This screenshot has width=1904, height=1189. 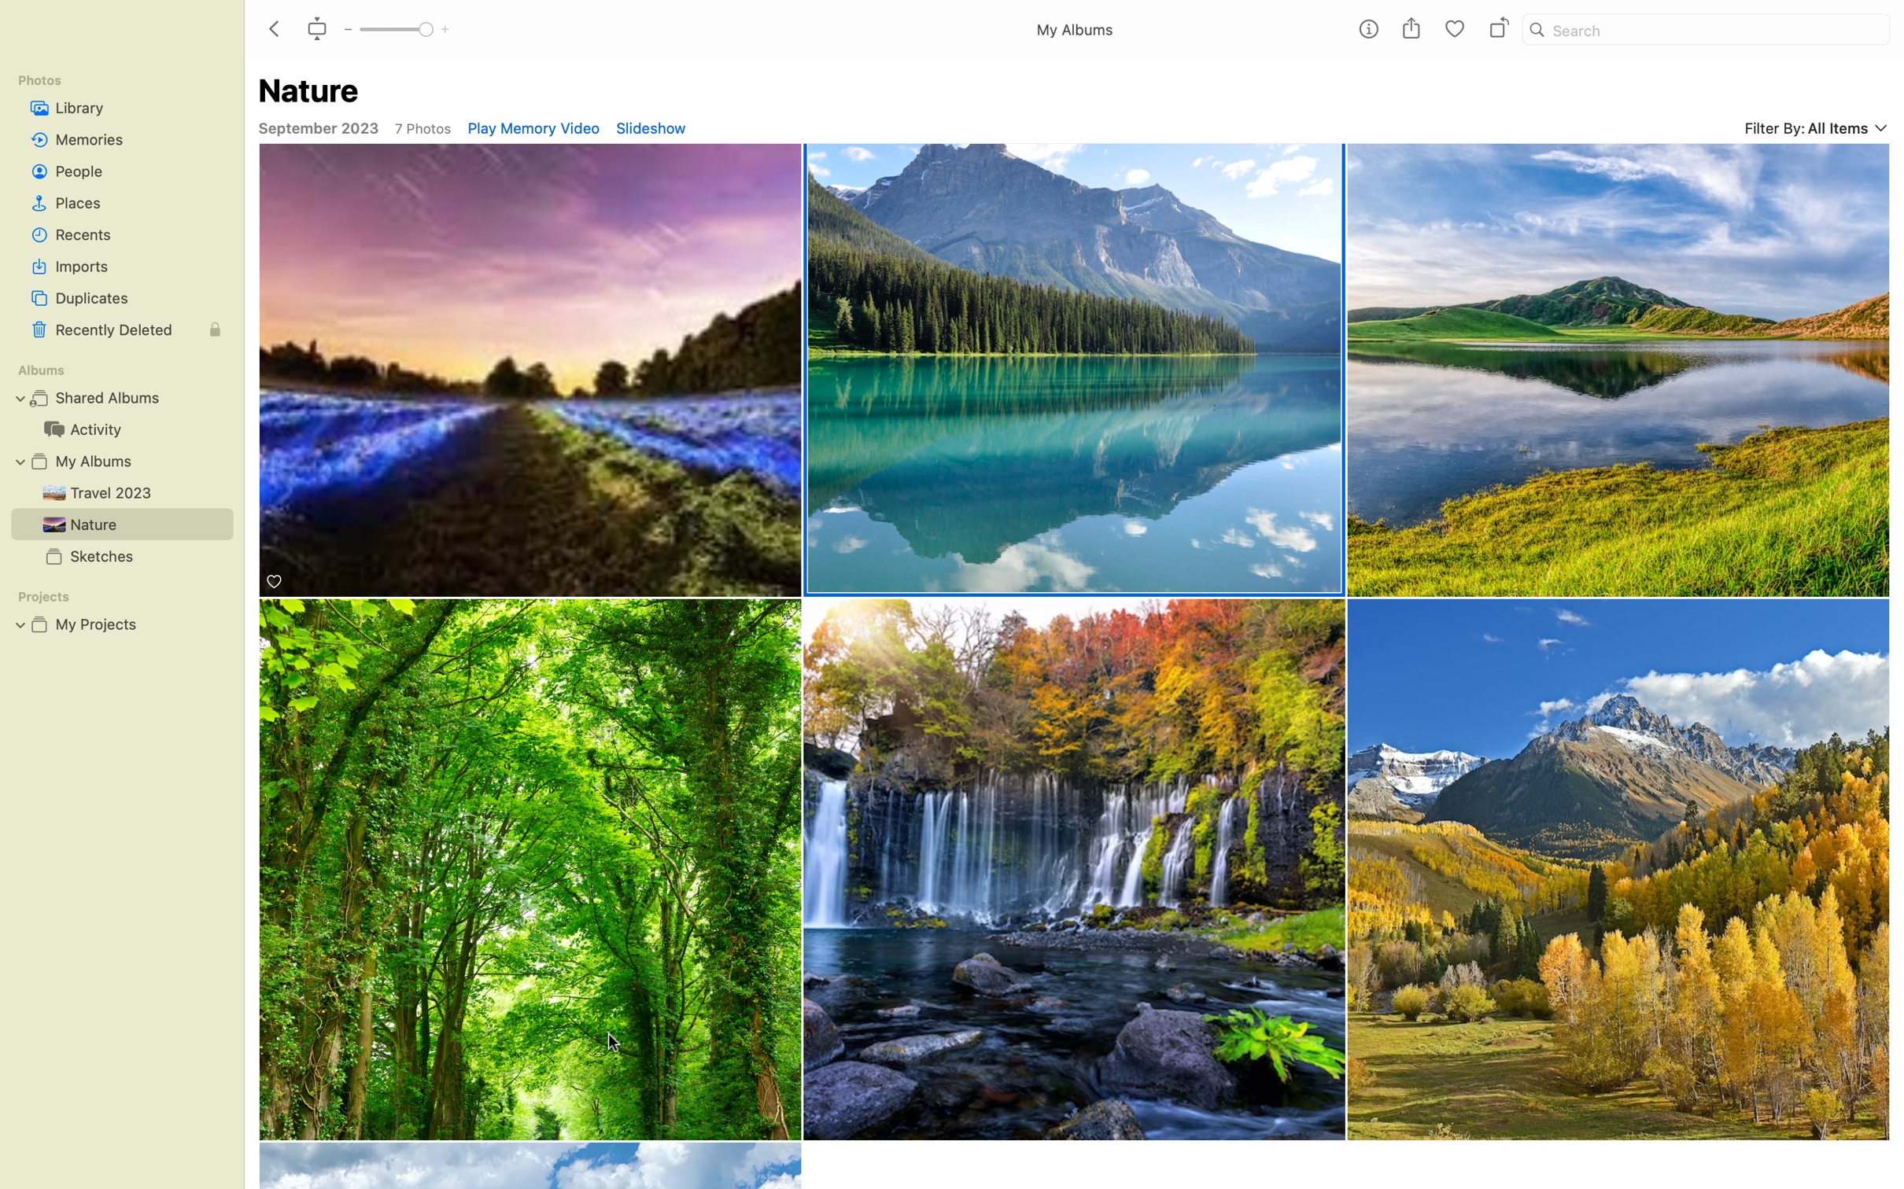 I want to click on Double click on the photo containing bioluminescence, so click(x=530, y=371).